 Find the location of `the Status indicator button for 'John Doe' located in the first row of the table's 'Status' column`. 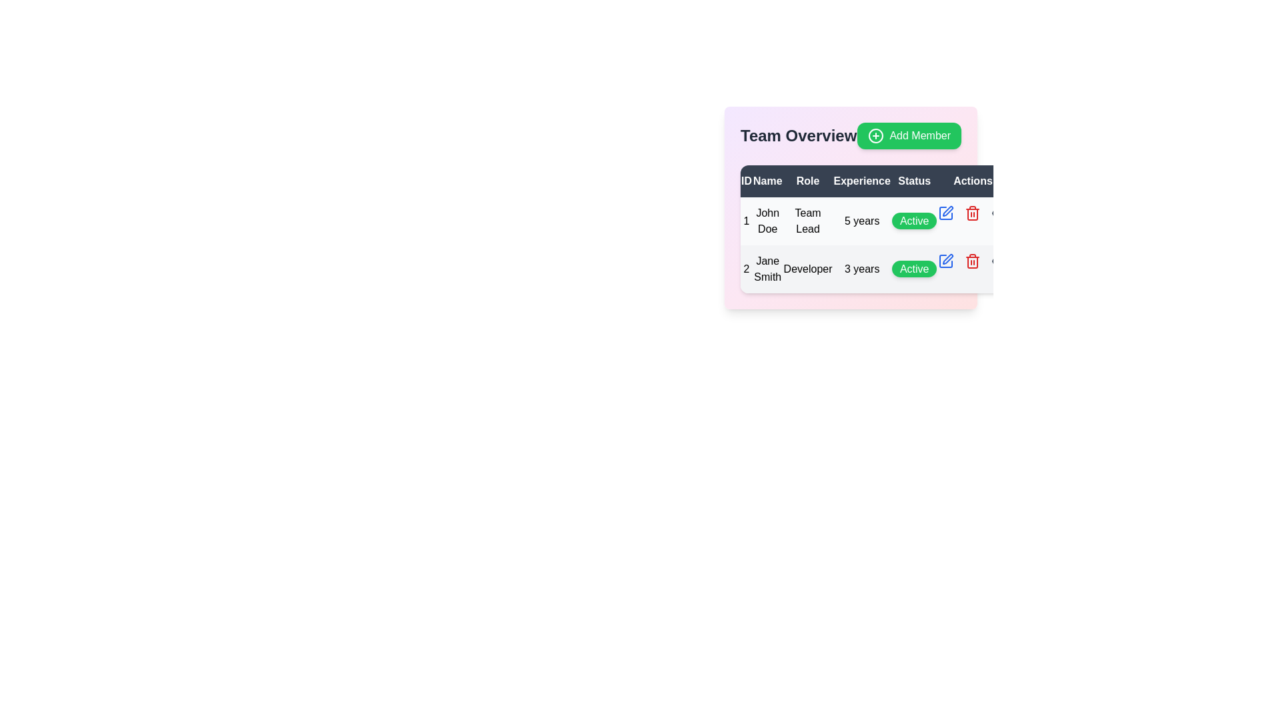

the Status indicator button for 'John Doe' located in the first row of the table's 'Status' column is located at coordinates (913, 220).